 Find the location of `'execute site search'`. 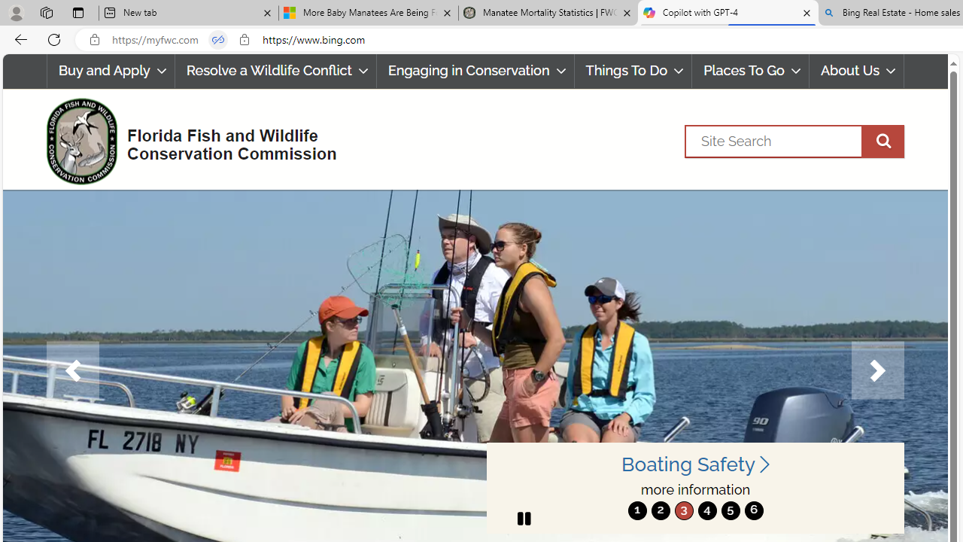

'execute site search' is located at coordinates (882, 141).